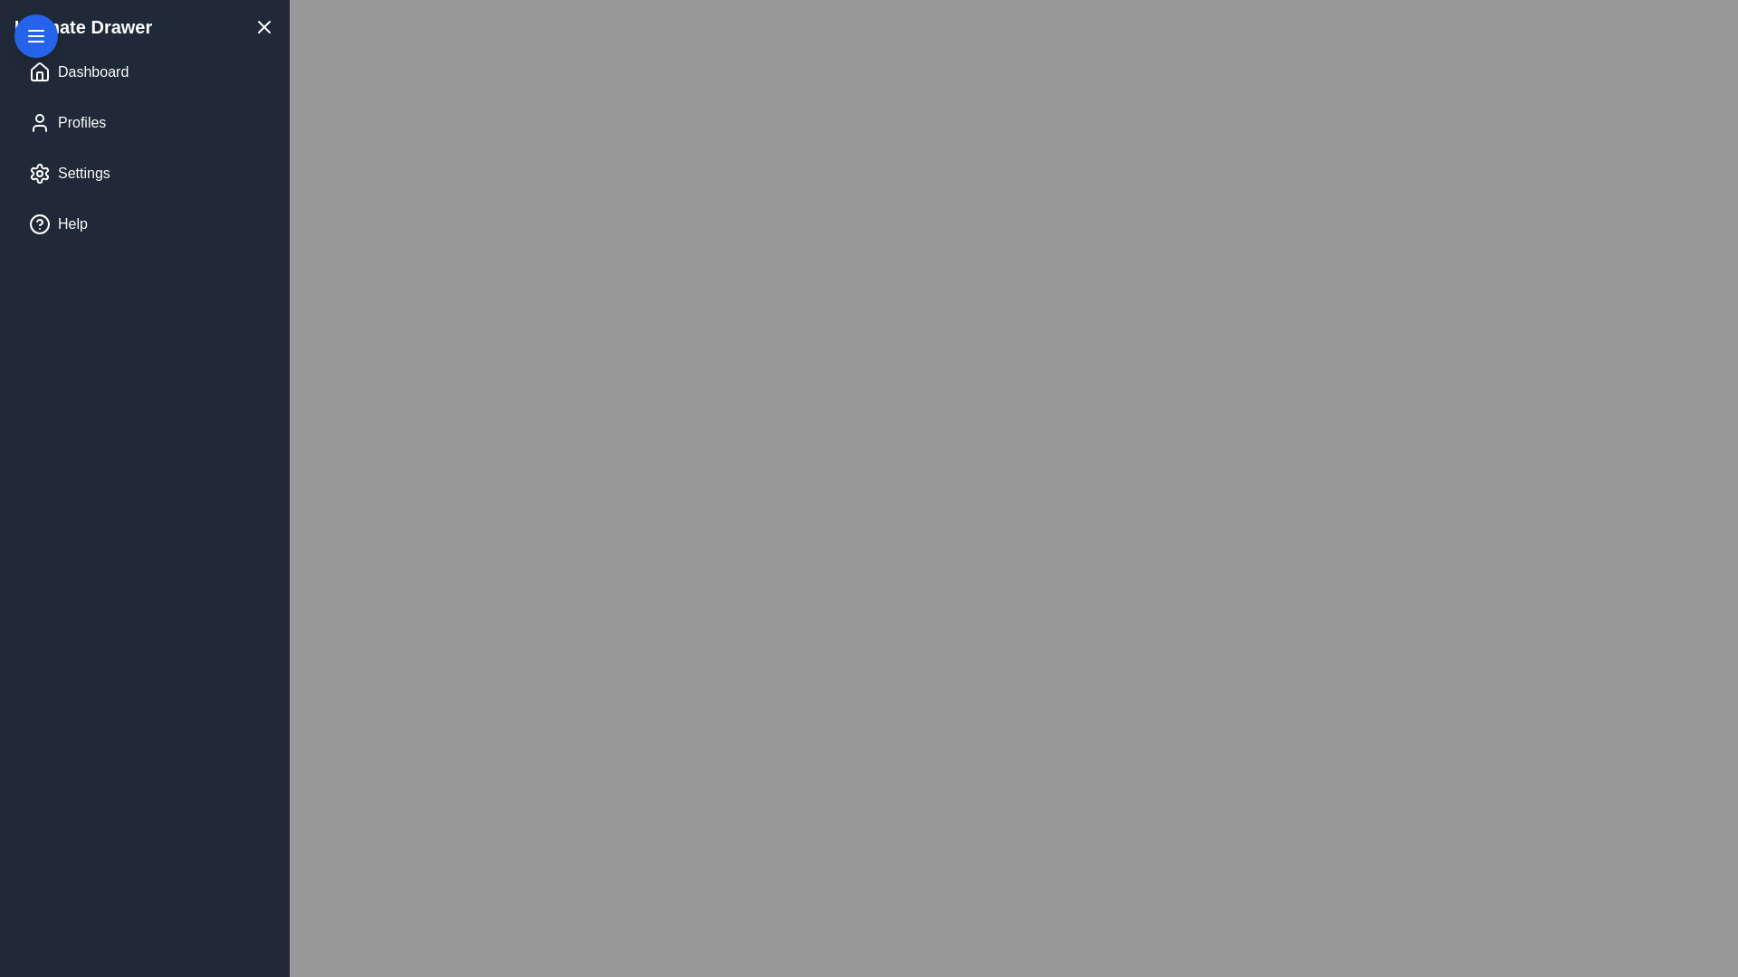  What do you see at coordinates (82, 27) in the screenshot?
I see `title text located at the top of the sidebar panel, which serves as a label for the drawer panel` at bounding box center [82, 27].